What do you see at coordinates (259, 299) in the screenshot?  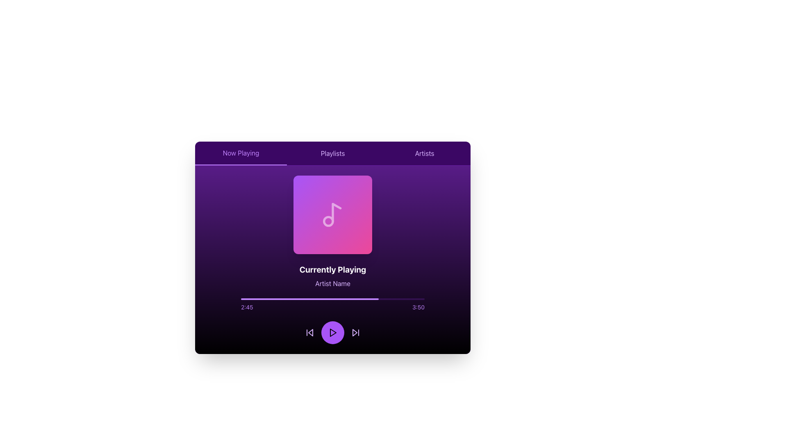 I see `the media playback position` at bounding box center [259, 299].